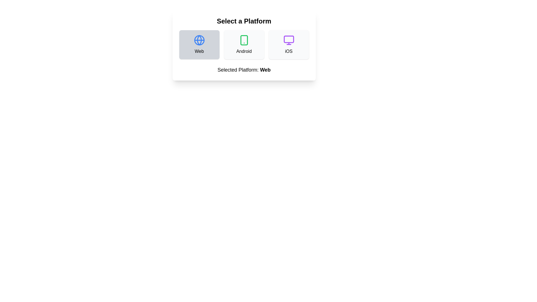  I want to click on the platform Android by clicking its corresponding button, so click(244, 44).